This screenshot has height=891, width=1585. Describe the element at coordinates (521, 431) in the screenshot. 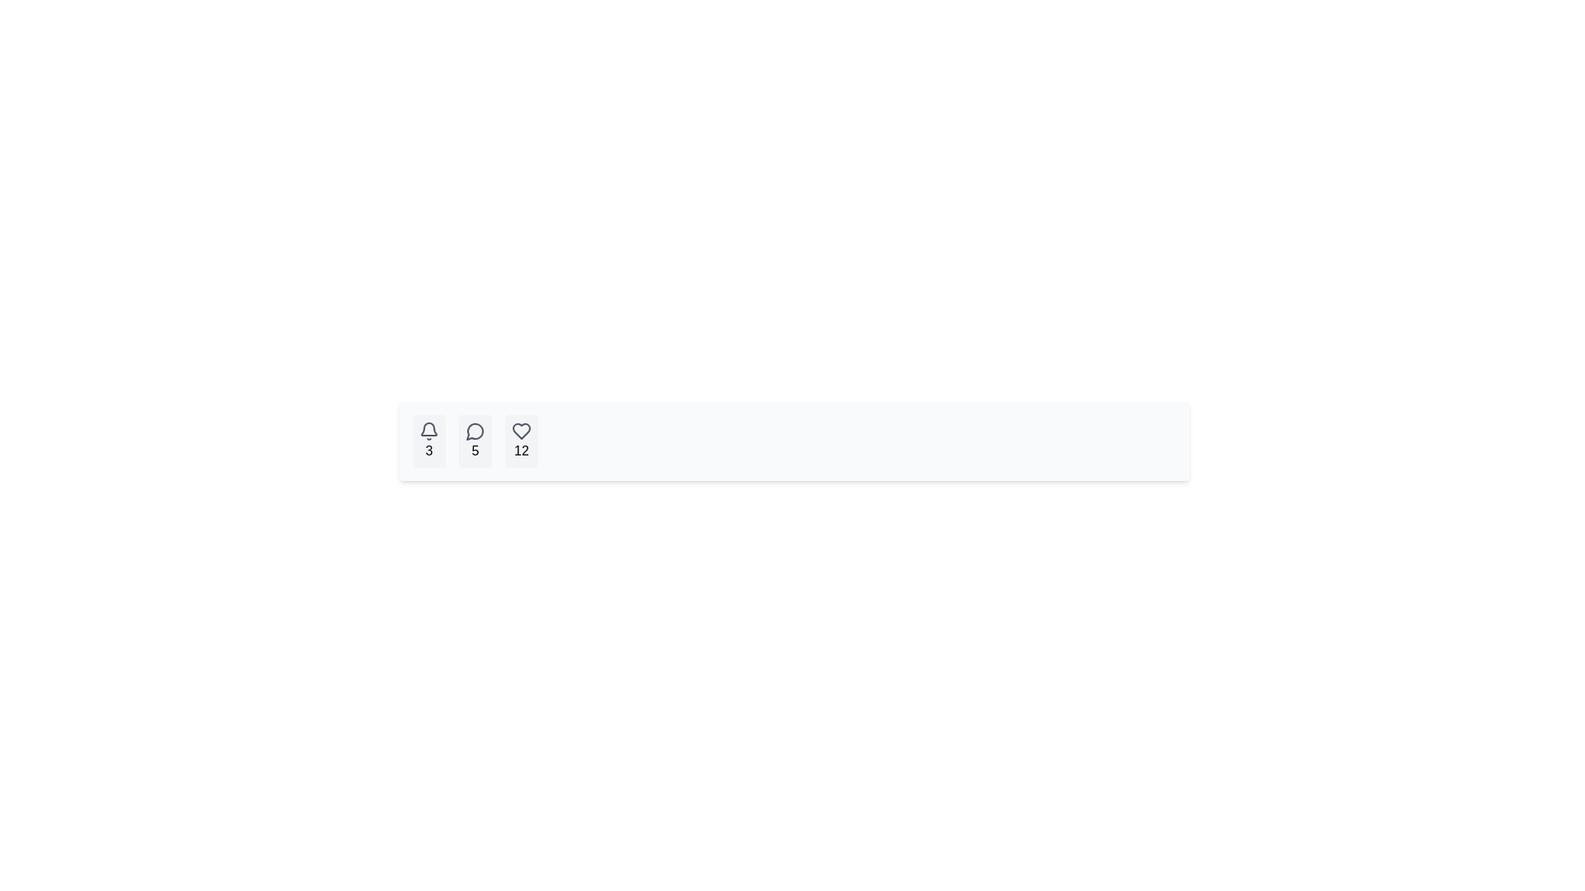

I see `the heart-shaped icon button located at the bottom center of the interface` at that location.